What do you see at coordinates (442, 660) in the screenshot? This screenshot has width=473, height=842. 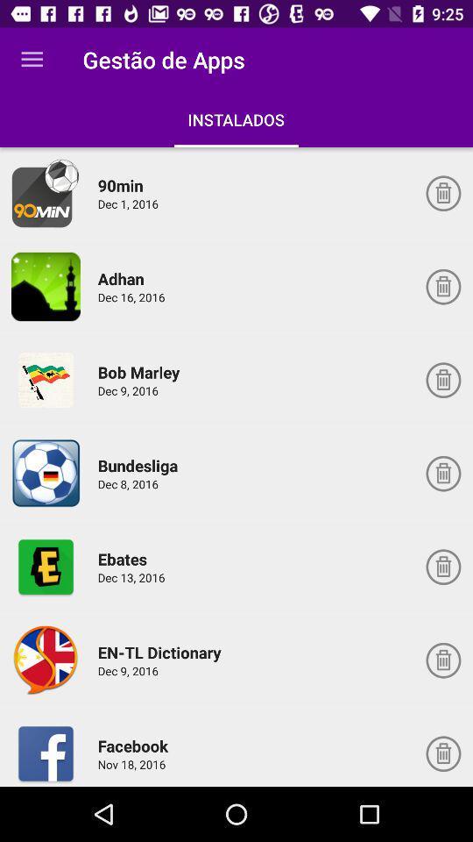 I see `delete` at bounding box center [442, 660].